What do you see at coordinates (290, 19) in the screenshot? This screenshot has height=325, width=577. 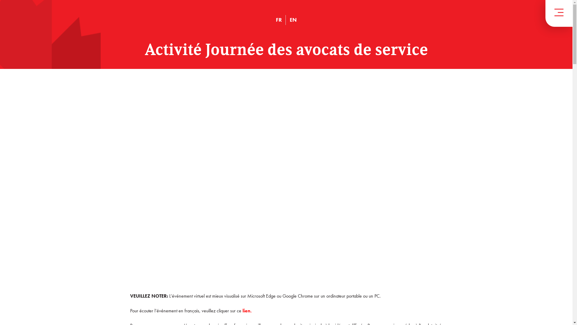 I see `'EN'` at bounding box center [290, 19].